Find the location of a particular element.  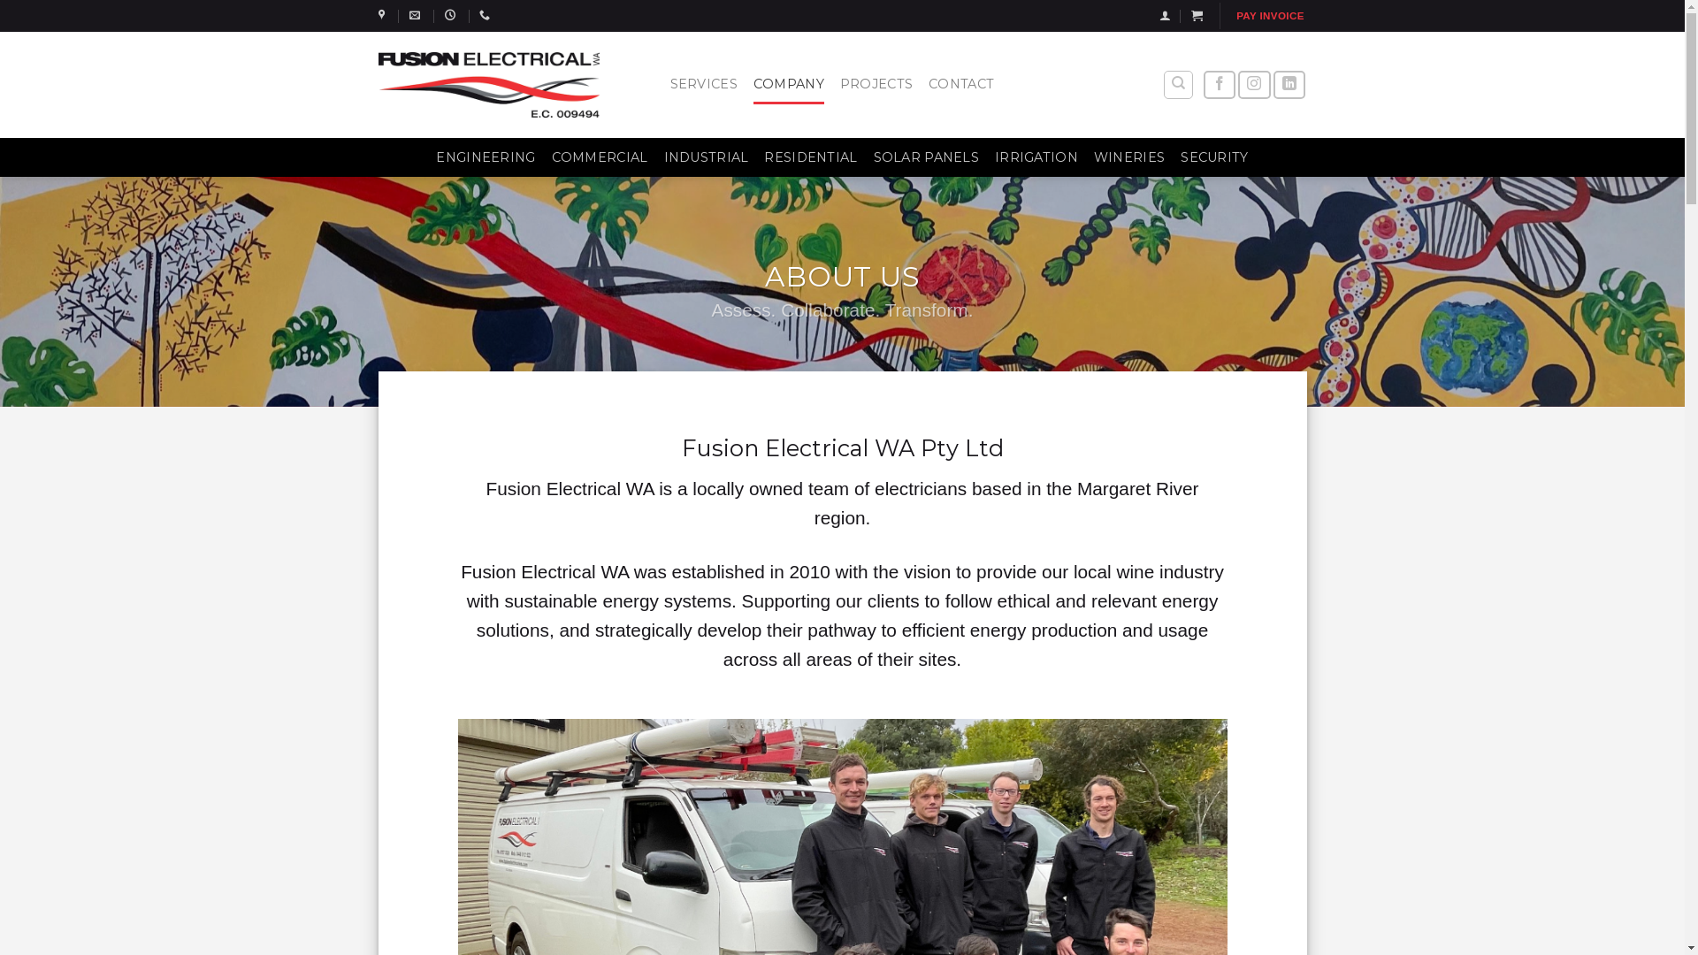

'COMPANY' is located at coordinates (753, 84).